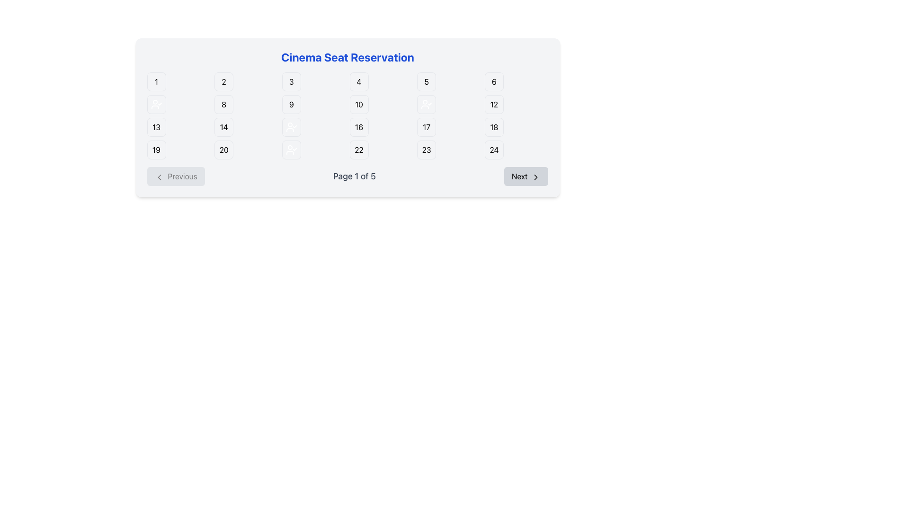 The height and width of the screenshot is (511, 909). What do you see at coordinates (426, 149) in the screenshot?
I see `the cinema seat option button representing seat number '23', which is located in the fourth row and fifth column of the grid layout` at bounding box center [426, 149].